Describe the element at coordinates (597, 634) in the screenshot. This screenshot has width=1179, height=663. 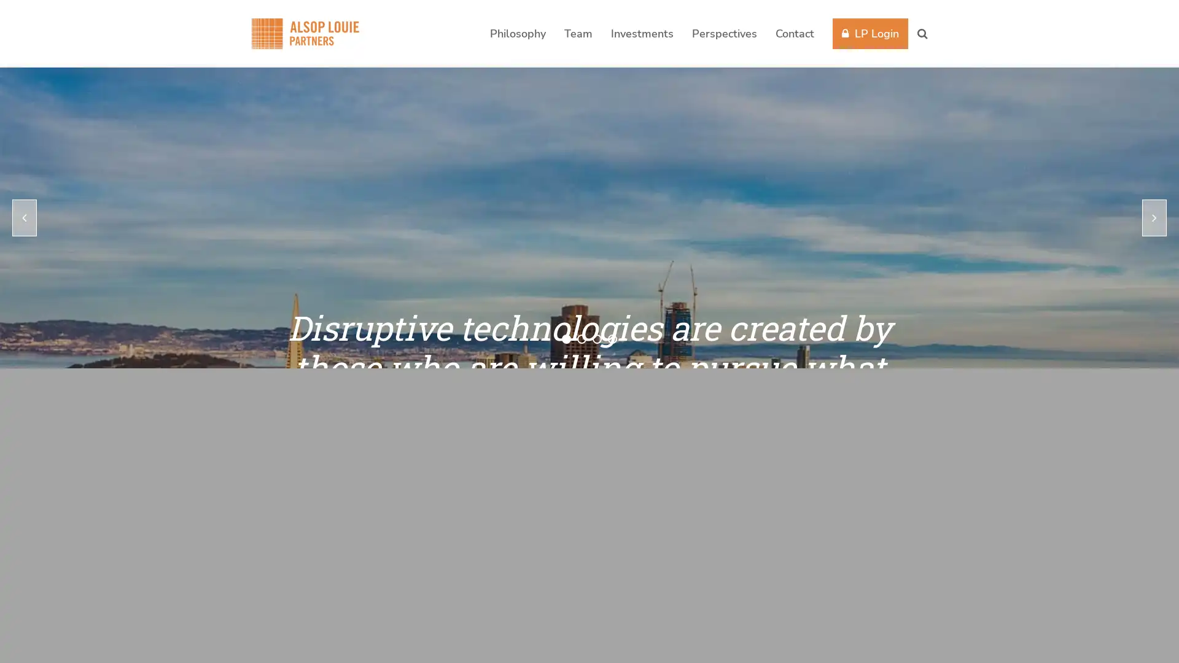
I see `go to slide 3` at that location.